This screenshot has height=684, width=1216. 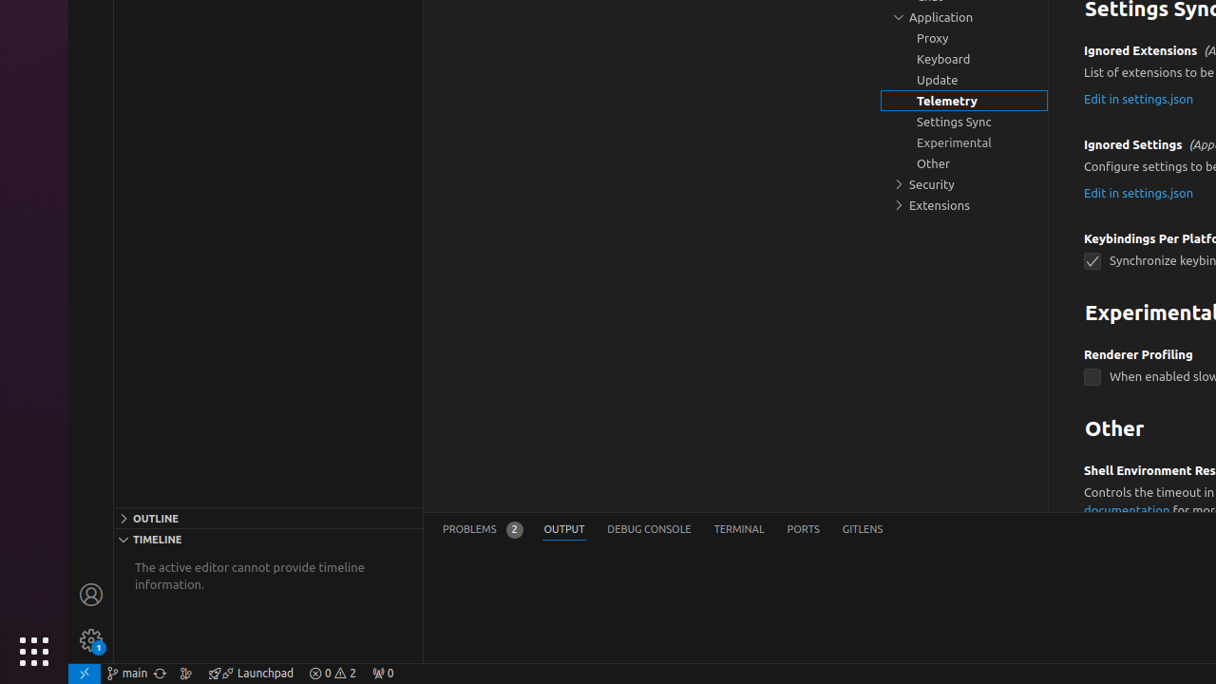 I want to click on 'OSWorld (Git) - main, Checkout Branch/Tag...', so click(x=126, y=672).